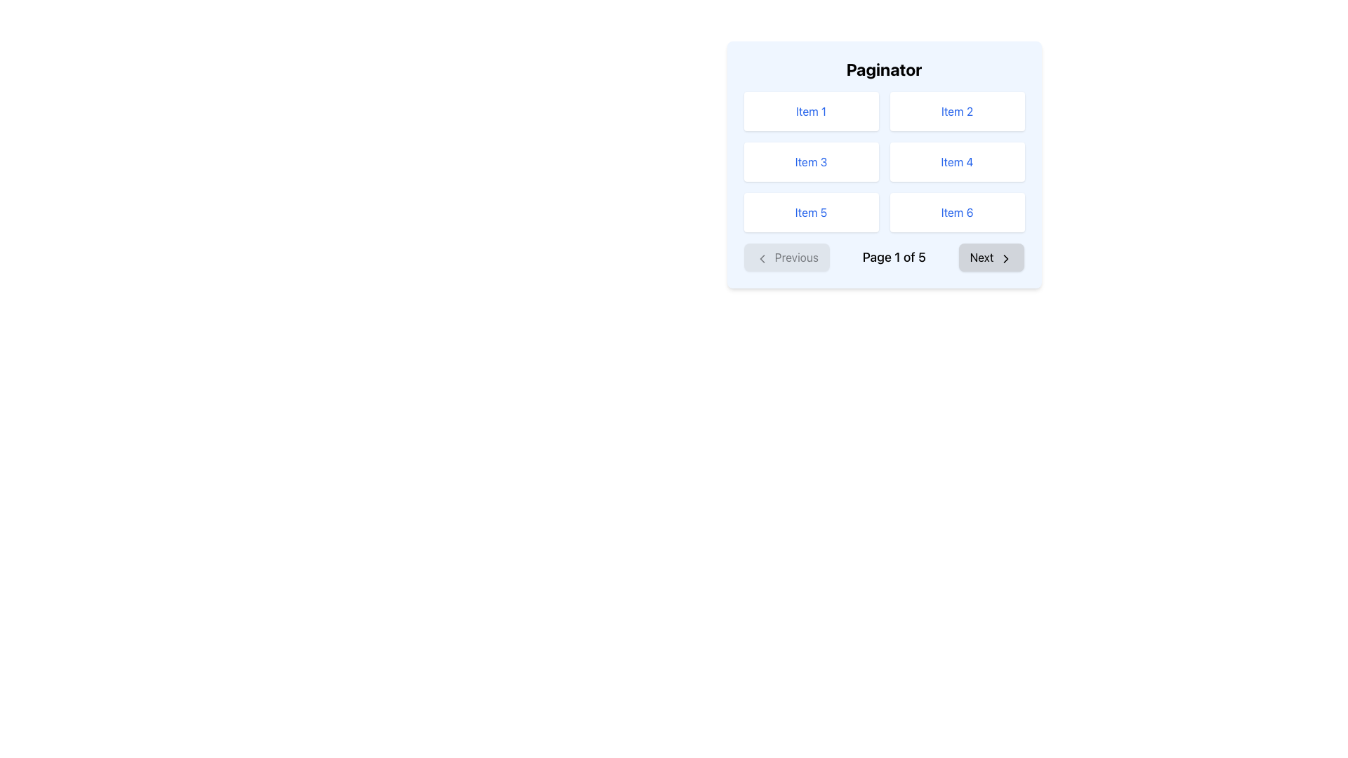  I want to click on the gray button with black text labeled 'Next' that has a right-pointing chevron, located on the bottom-right of the paginator component, so click(991, 257).